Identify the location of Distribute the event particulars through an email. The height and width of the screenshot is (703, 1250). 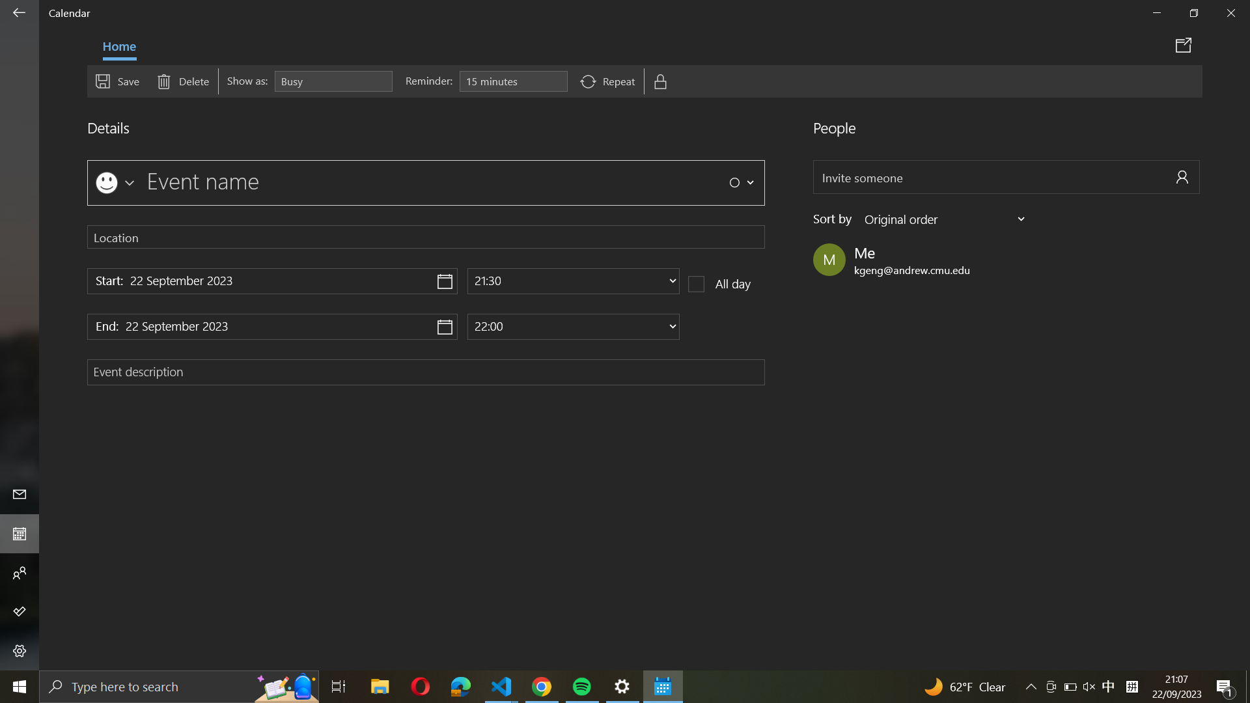
(1186, 44).